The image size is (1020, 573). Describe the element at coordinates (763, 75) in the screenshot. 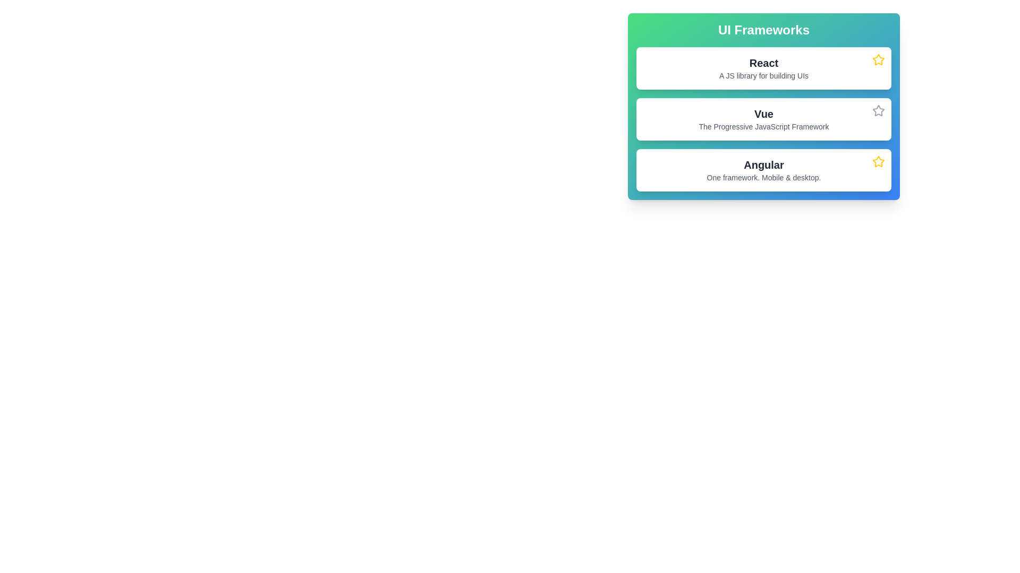

I see `static text label providing a brief description about the 'React' framework, positioned below the heading 'React' in the 'UI Frameworks' list` at that location.